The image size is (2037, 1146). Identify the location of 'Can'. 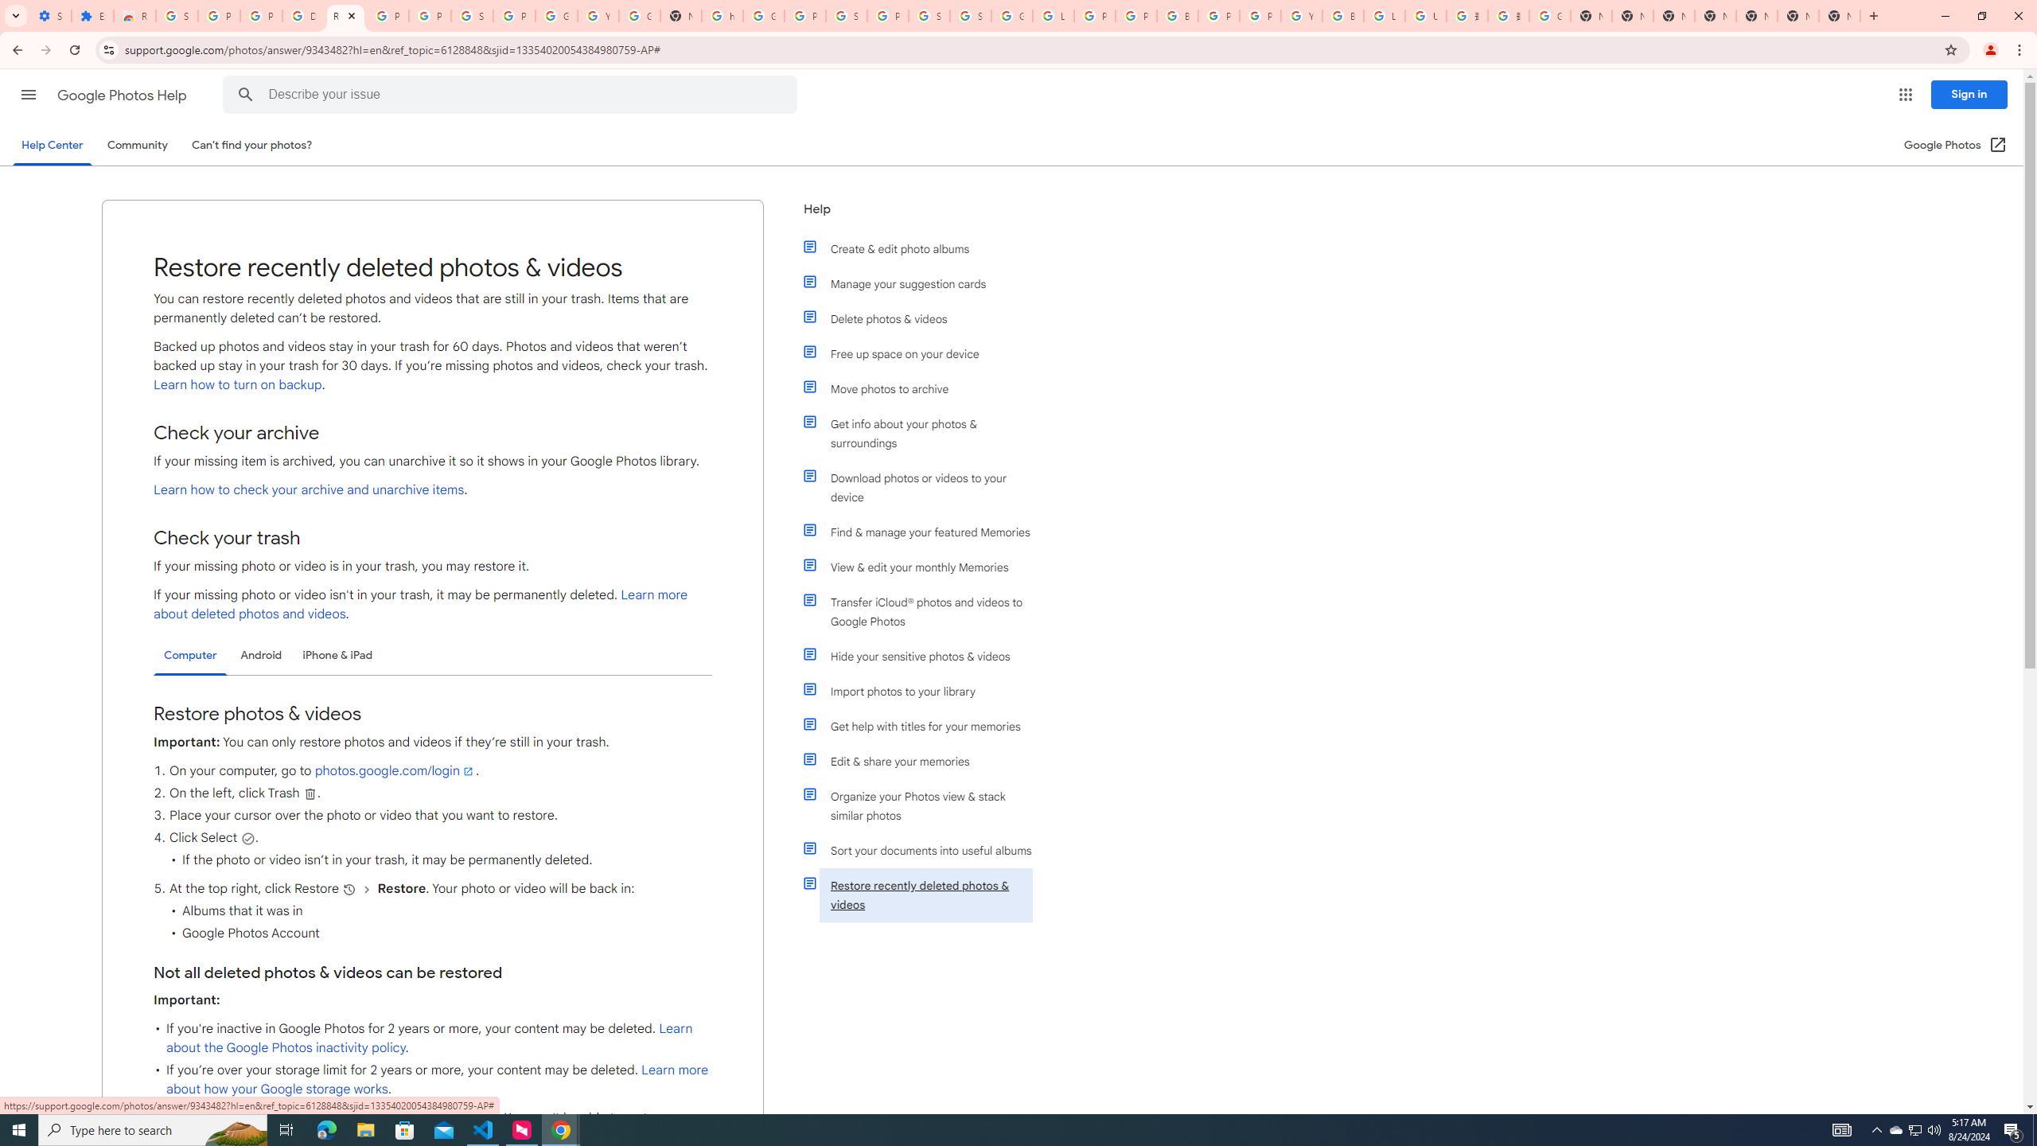
(252, 144).